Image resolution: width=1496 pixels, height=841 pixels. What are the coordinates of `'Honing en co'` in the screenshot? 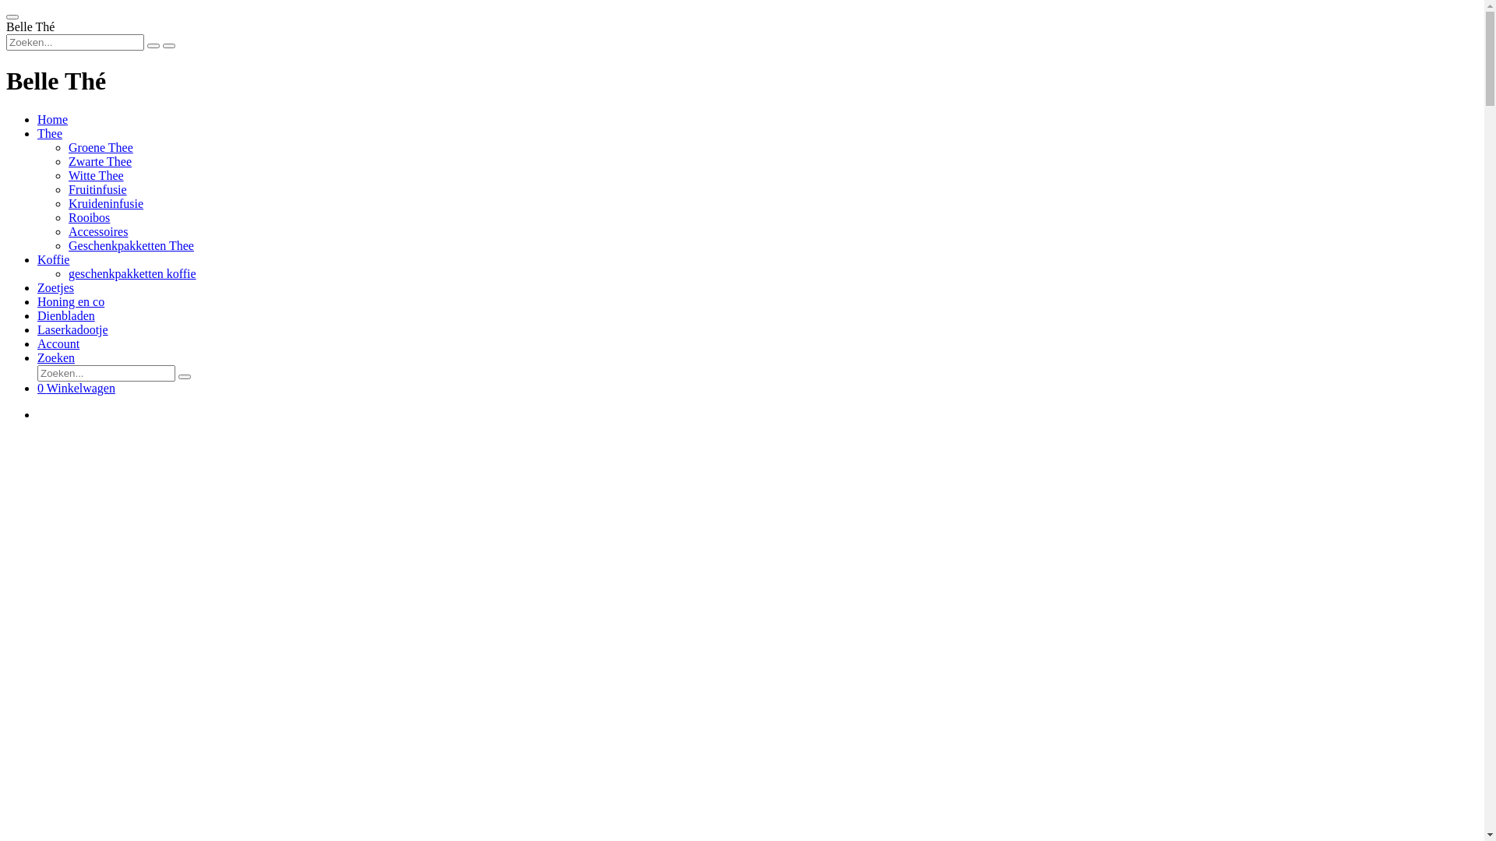 It's located at (70, 301).